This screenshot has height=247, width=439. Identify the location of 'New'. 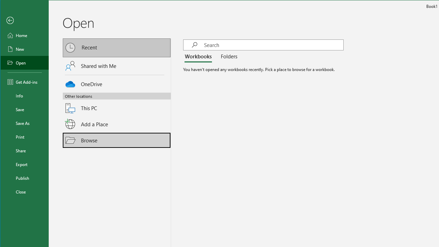
(25, 48).